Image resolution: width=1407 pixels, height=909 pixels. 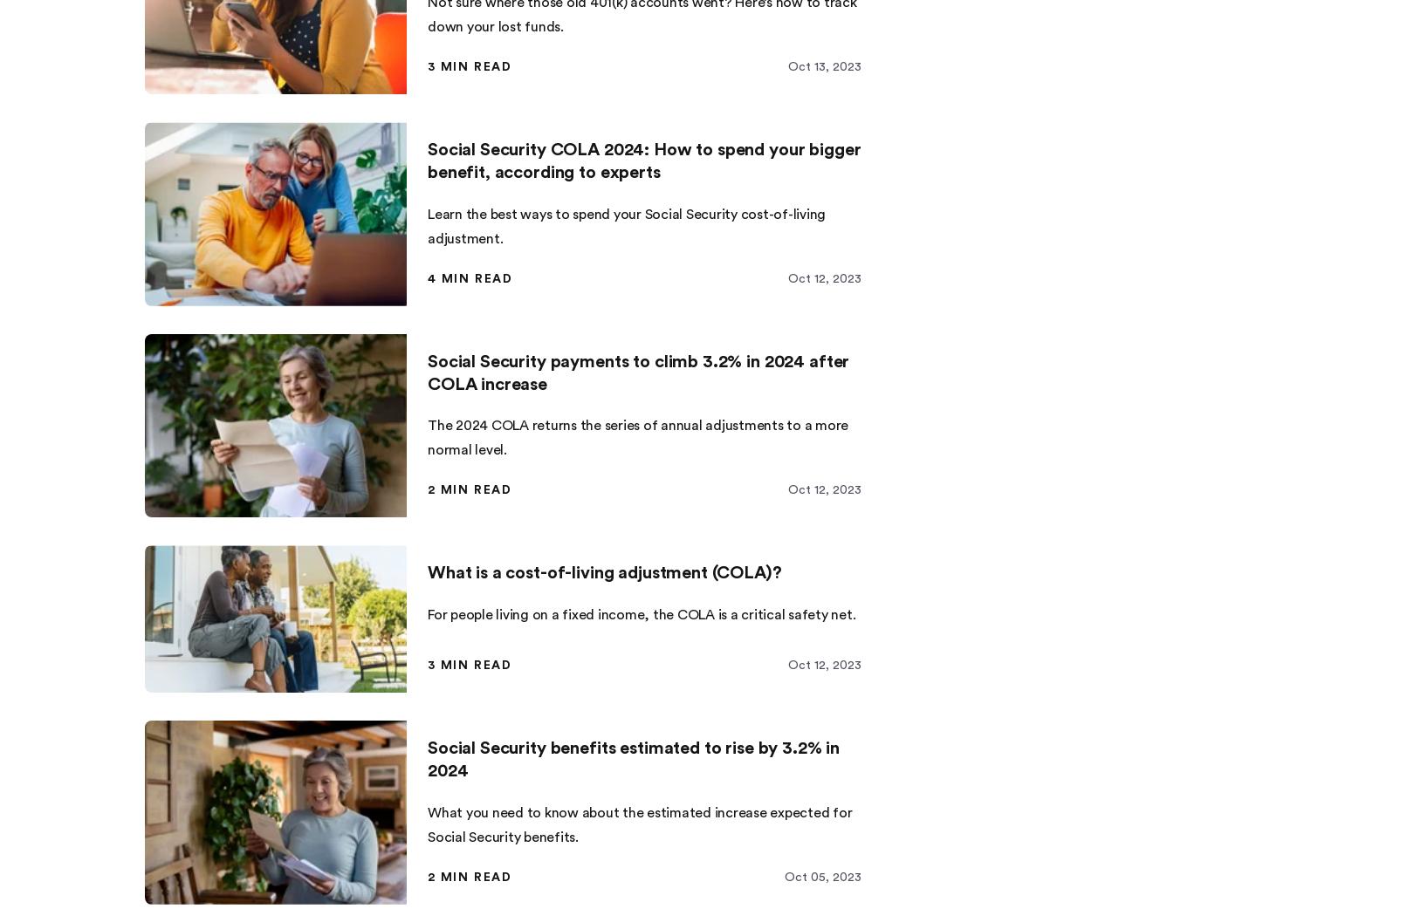 What do you see at coordinates (427, 277) in the screenshot?
I see `'4 min read'` at bounding box center [427, 277].